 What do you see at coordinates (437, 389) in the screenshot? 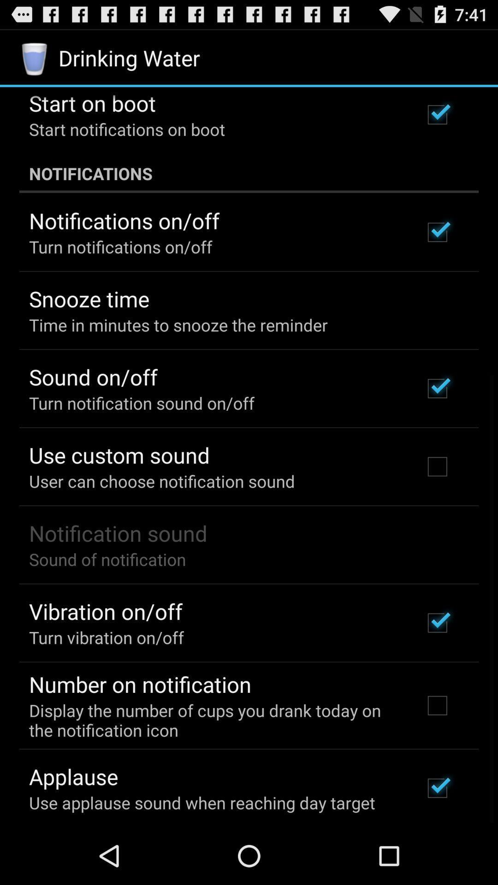
I see `the third option on the top right side of the web page` at bounding box center [437, 389].